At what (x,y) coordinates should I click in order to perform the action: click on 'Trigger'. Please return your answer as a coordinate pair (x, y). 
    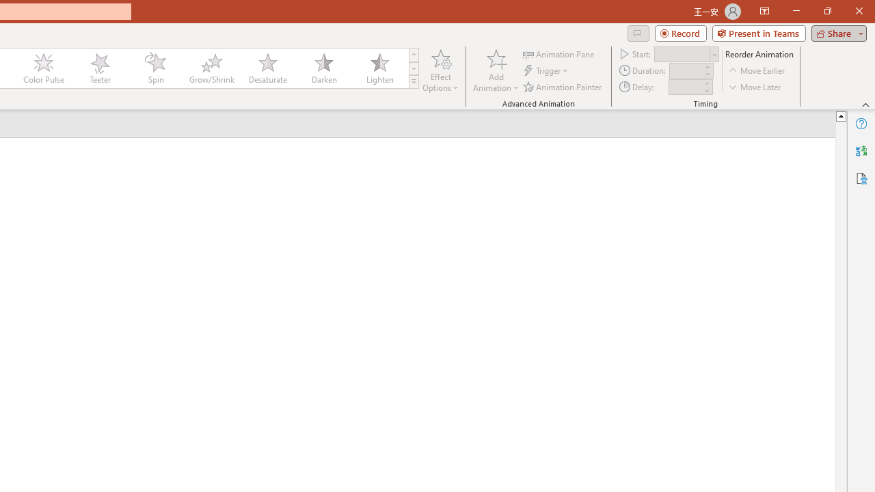
    Looking at the image, I should click on (547, 70).